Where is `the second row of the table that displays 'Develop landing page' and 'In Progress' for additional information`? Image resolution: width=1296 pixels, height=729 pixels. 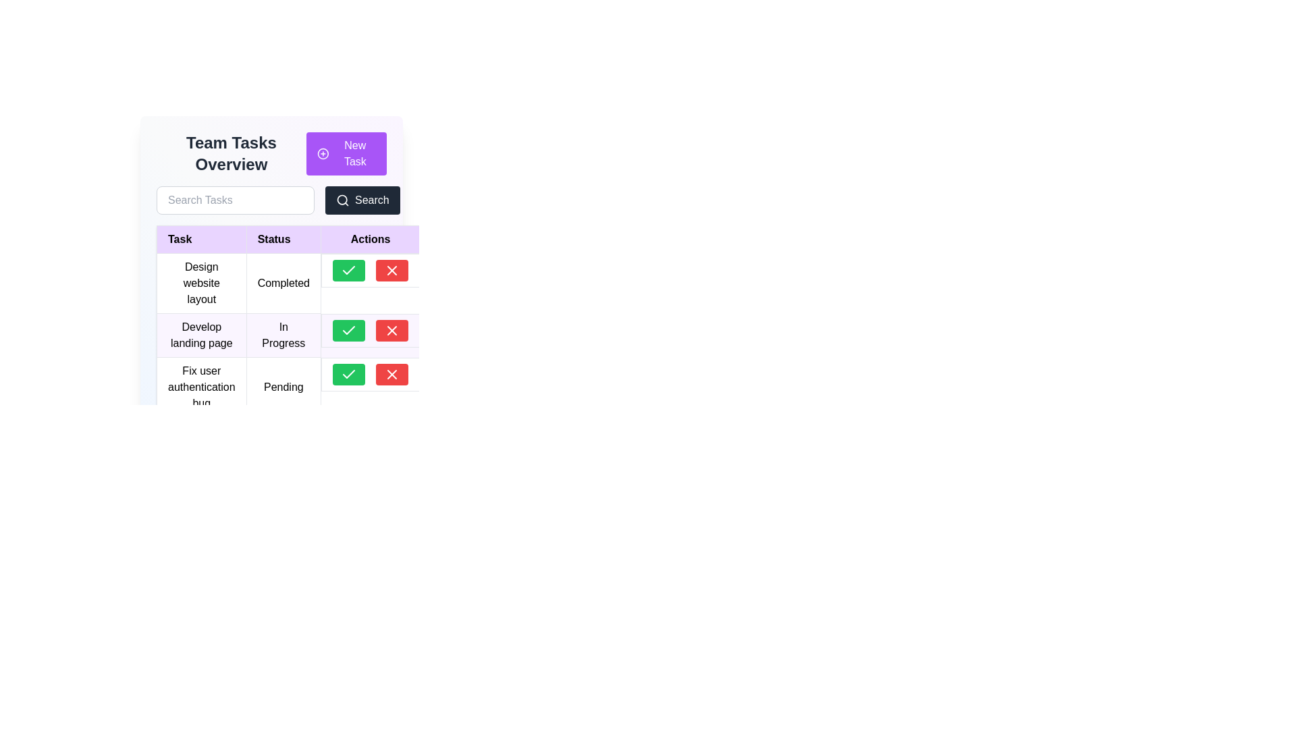
the second row of the table that displays 'Develop landing page' and 'In Progress' for additional information is located at coordinates (288, 335).